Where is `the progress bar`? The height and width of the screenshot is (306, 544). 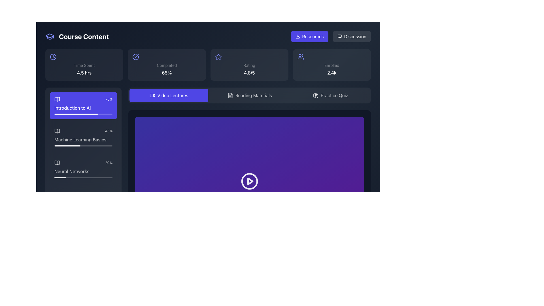
the progress bar is located at coordinates (61, 114).